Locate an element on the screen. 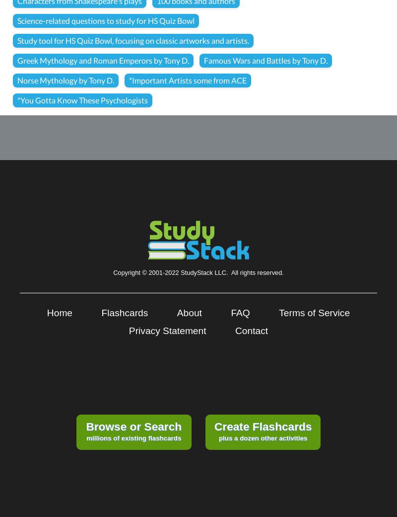 Image resolution: width=397 pixels, height=517 pixels. 'Home' is located at coordinates (59, 312).